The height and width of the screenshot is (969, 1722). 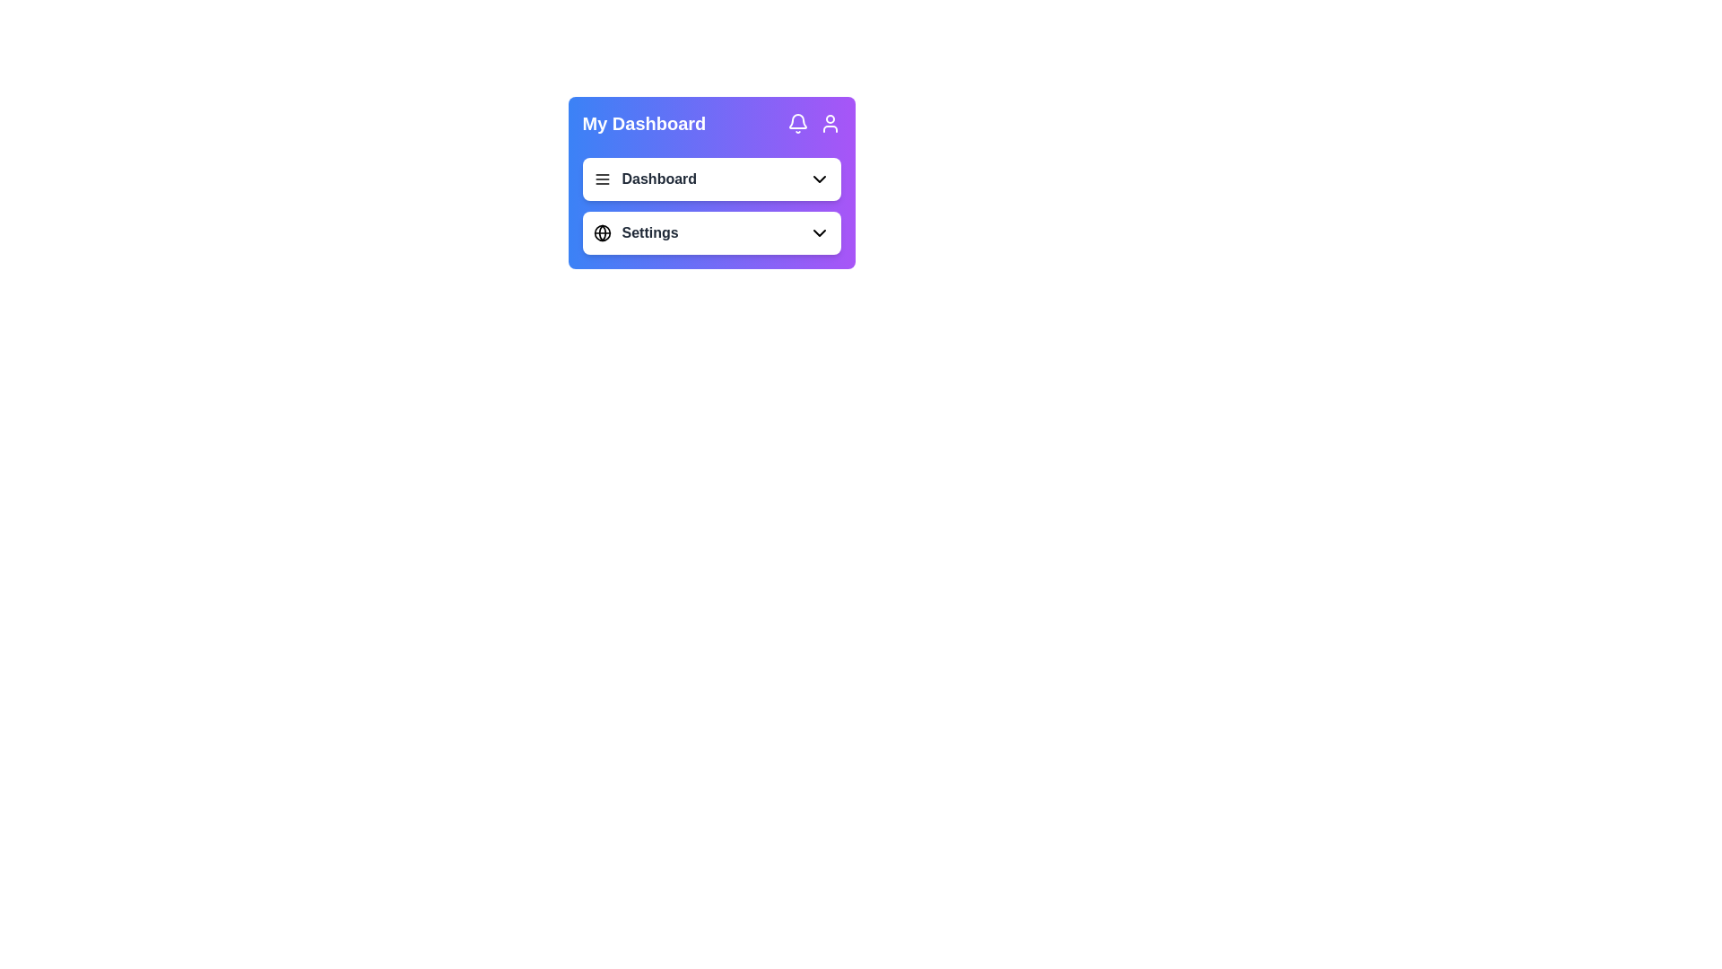 What do you see at coordinates (818, 231) in the screenshot?
I see `the Dropdown Indicator Icon, which is a downward arrow icon located at the far right edge of the 'Settings' button` at bounding box center [818, 231].